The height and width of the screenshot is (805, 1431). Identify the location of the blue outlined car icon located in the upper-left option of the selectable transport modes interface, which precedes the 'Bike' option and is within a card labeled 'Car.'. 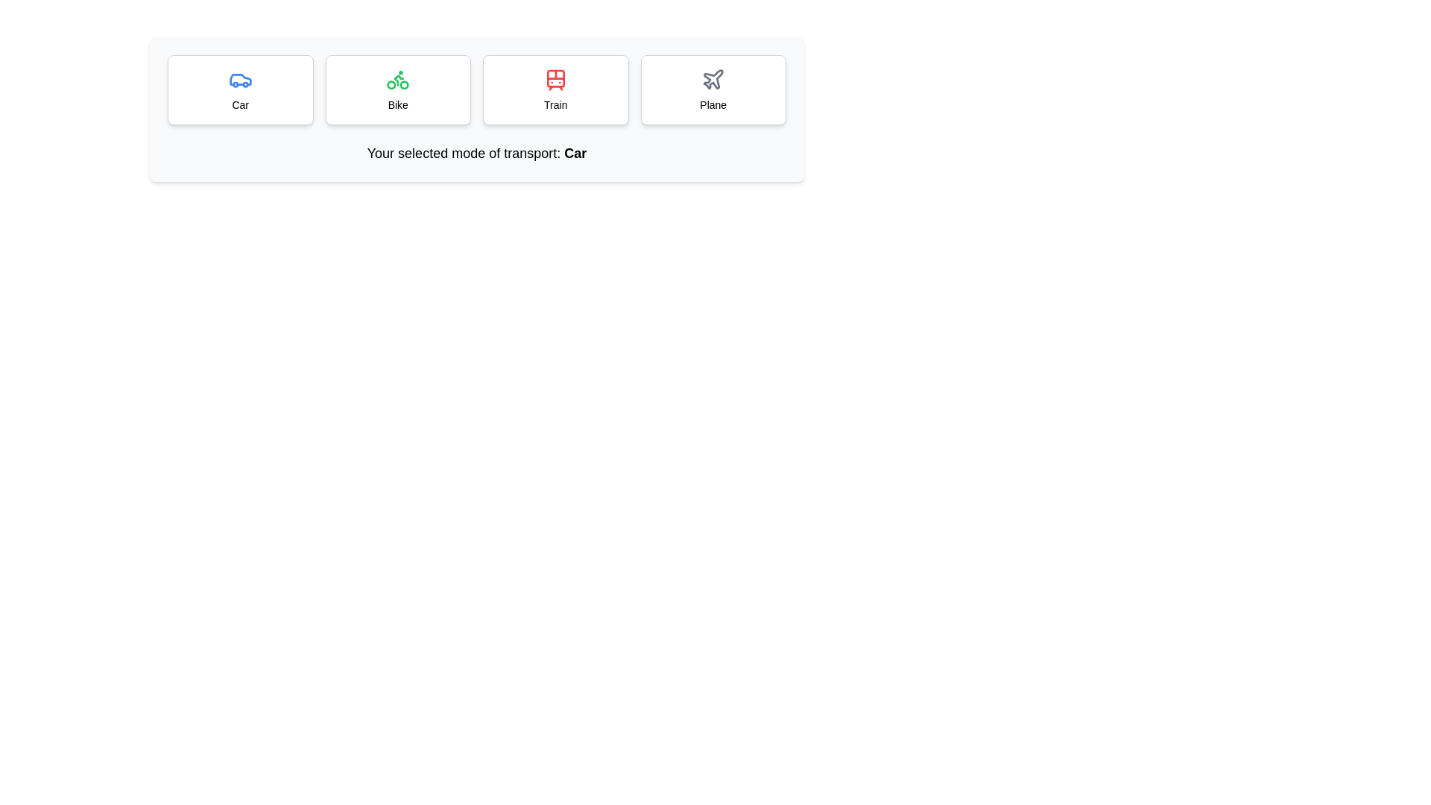
(240, 80).